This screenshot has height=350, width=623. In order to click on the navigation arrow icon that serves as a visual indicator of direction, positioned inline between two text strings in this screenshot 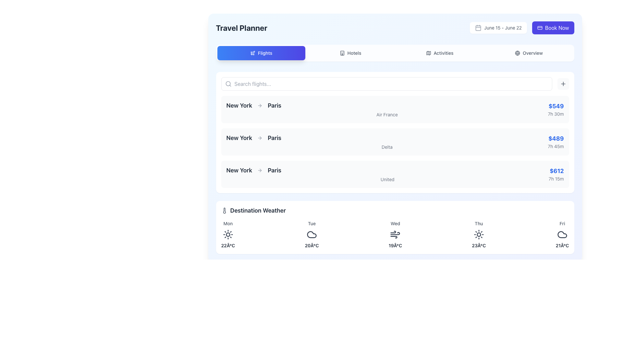, I will do `click(261, 105)`.